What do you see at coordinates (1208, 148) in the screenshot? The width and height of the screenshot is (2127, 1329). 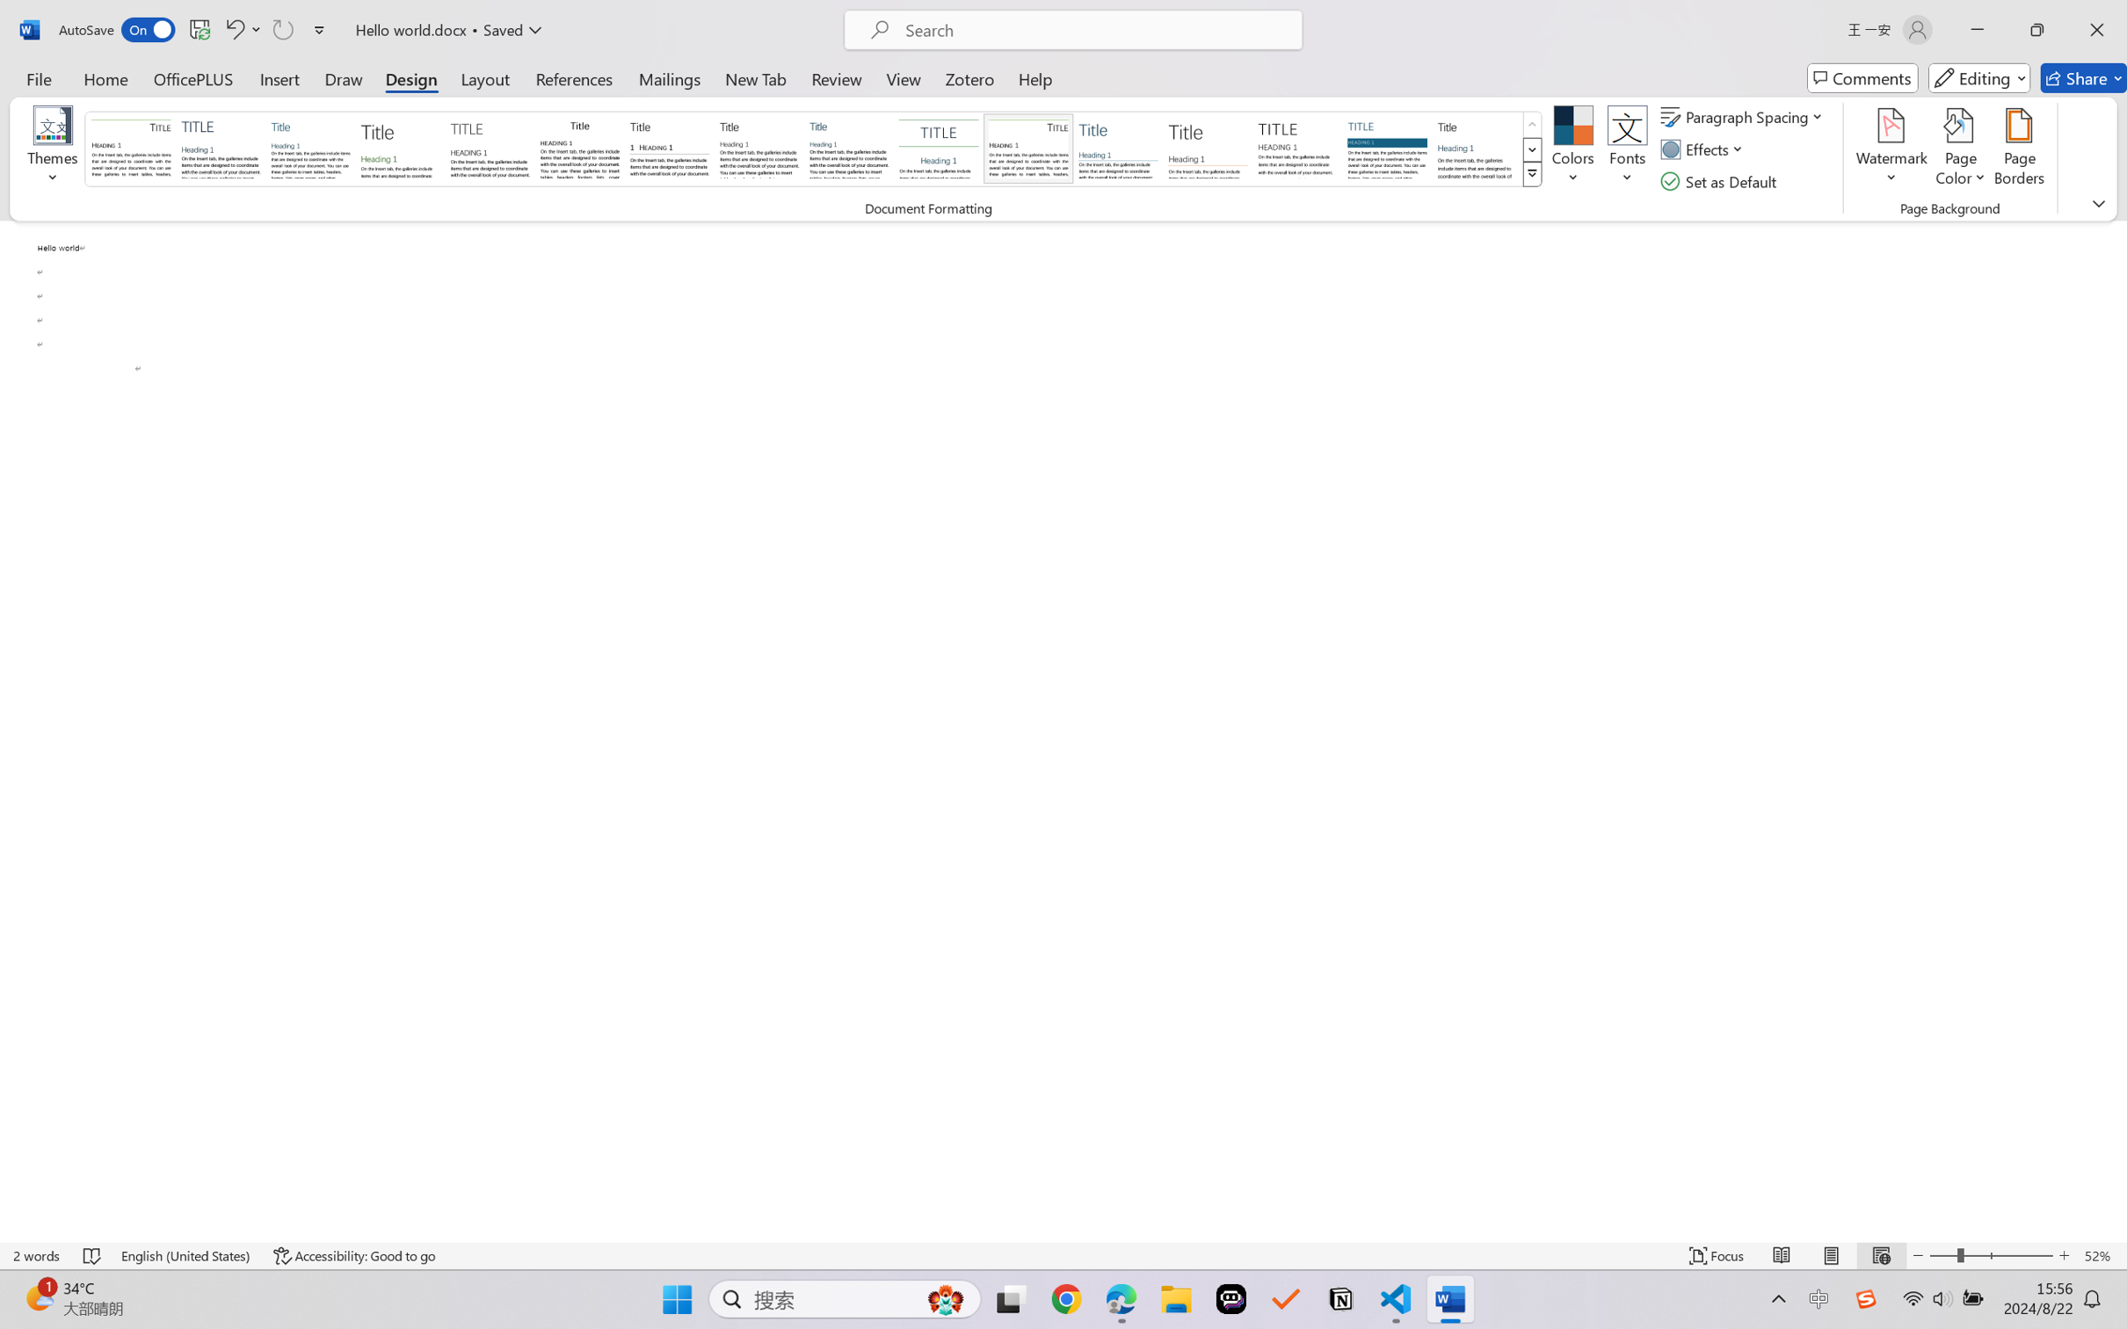 I see `'Lines (Stylish)'` at bounding box center [1208, 148].